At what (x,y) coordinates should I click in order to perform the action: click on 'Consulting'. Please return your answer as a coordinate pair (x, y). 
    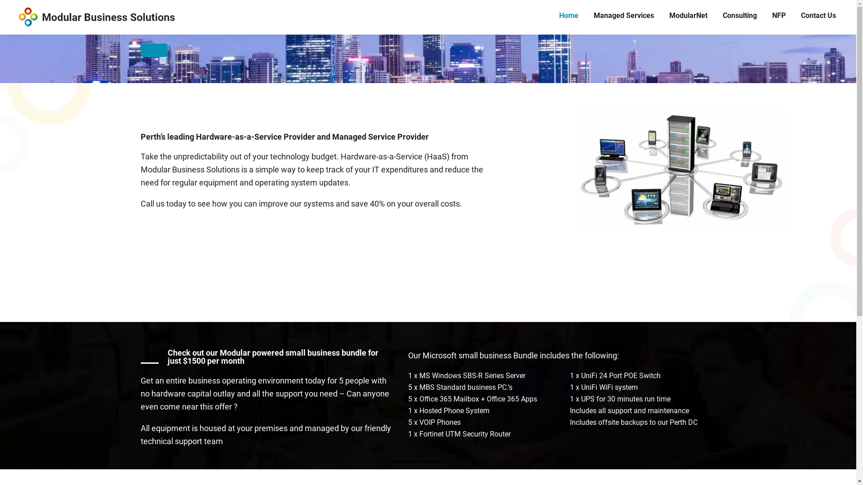
    Looking at the image, I should click on (740, 15).